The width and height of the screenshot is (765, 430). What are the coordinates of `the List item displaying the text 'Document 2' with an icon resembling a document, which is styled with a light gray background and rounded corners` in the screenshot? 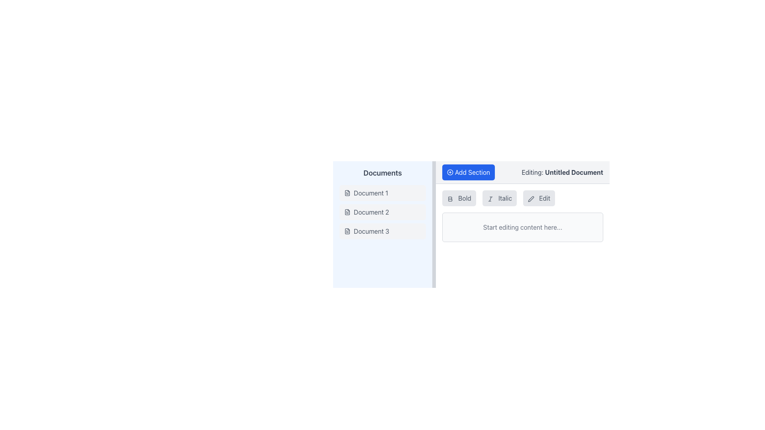 It's located at (382, 211).